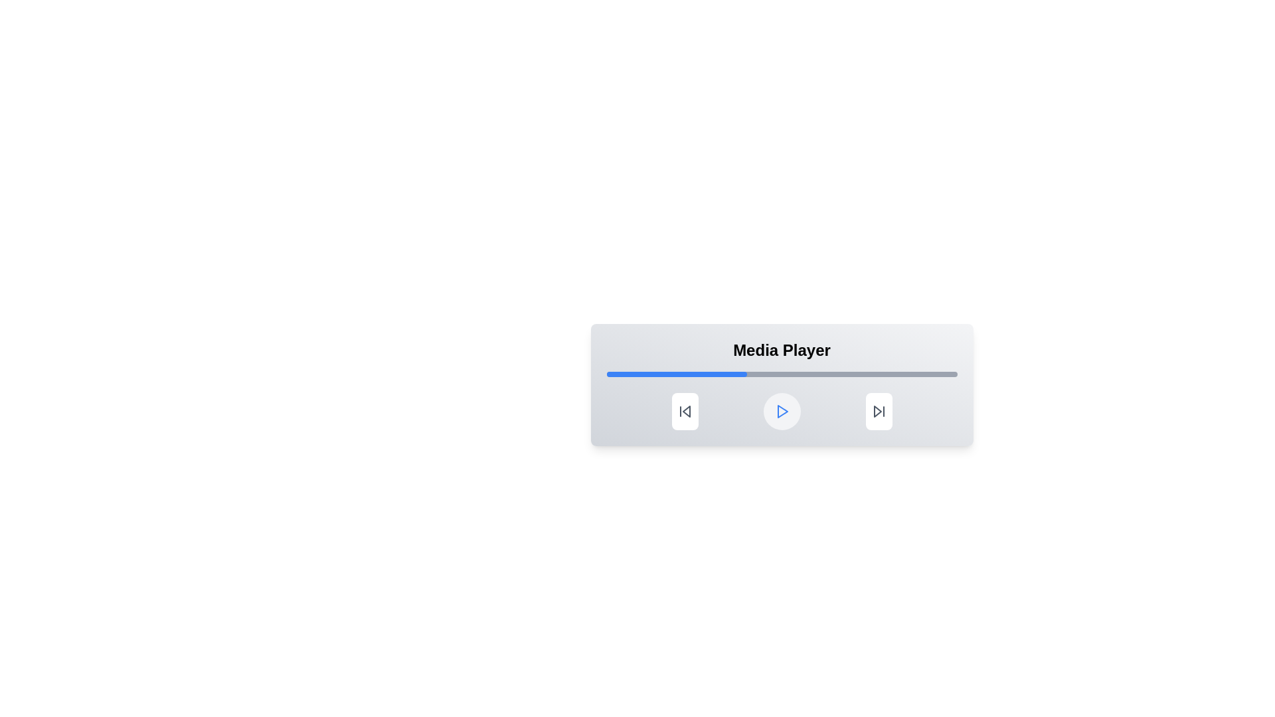  Describe the element at coordinates (685, 411) in the screenshot. I see `the skip-backward SVG icon located in the bottom-left corner of the media player control section` at that location.